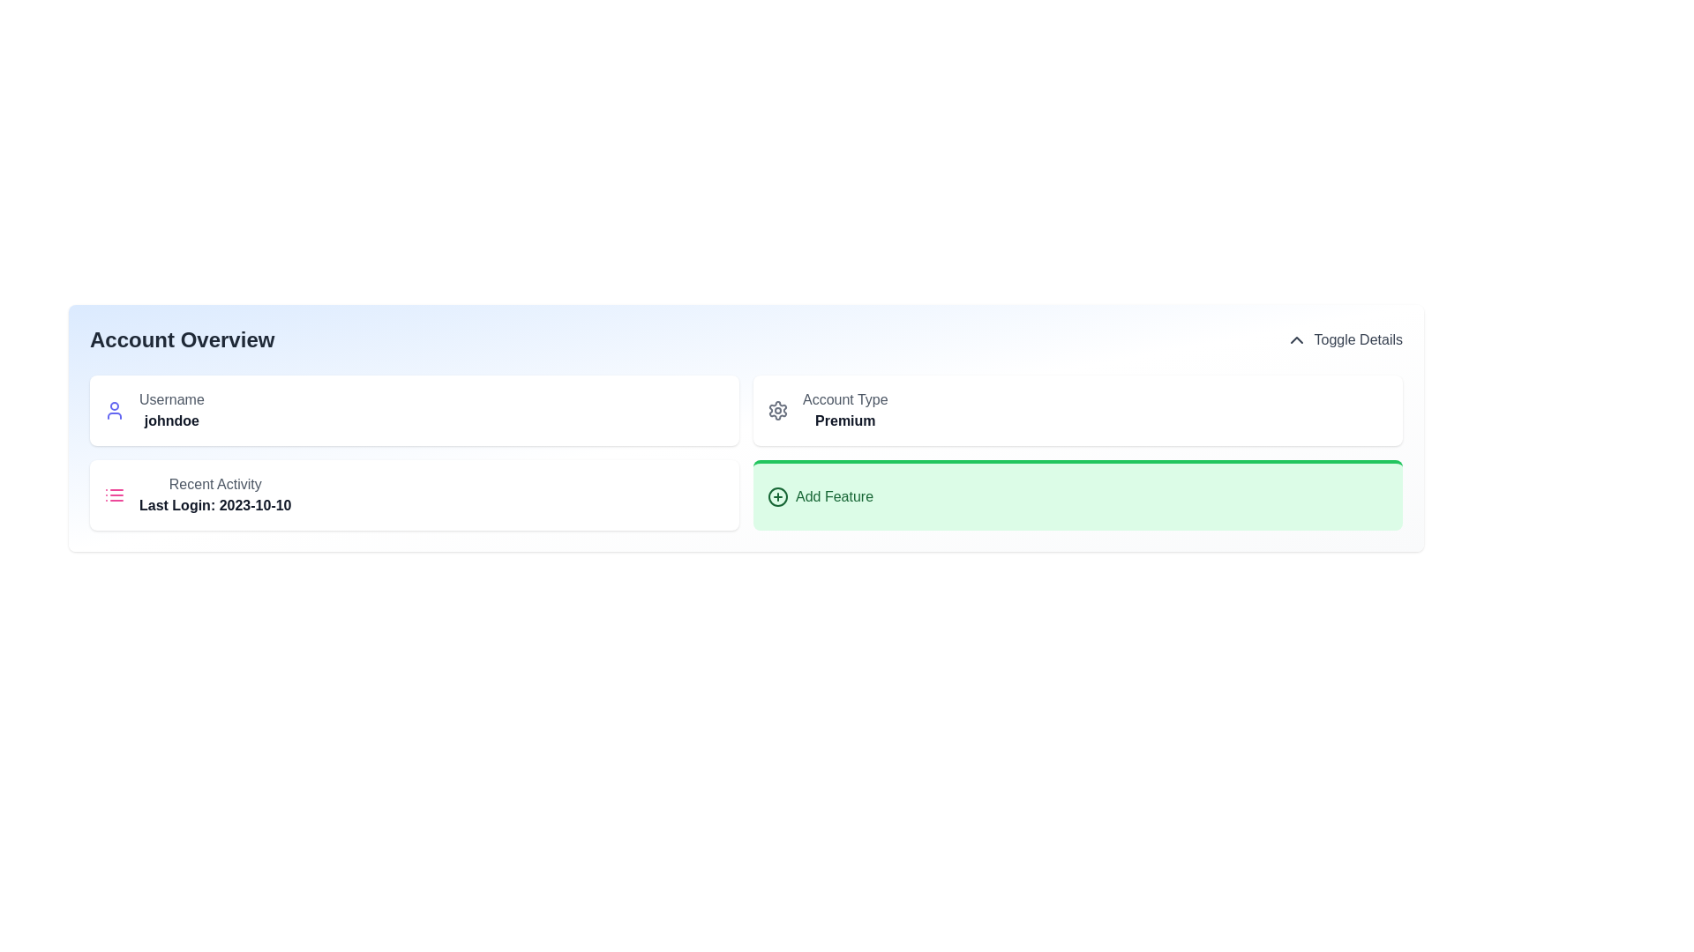 This screenshot has width=1694, height=952. Describe the element at coordinates (777, 411) in the screenshot. I see `the gear-shaped icon with a gray outline located to the left of the 'Account Type' label indicating 'Premium'` at that location.